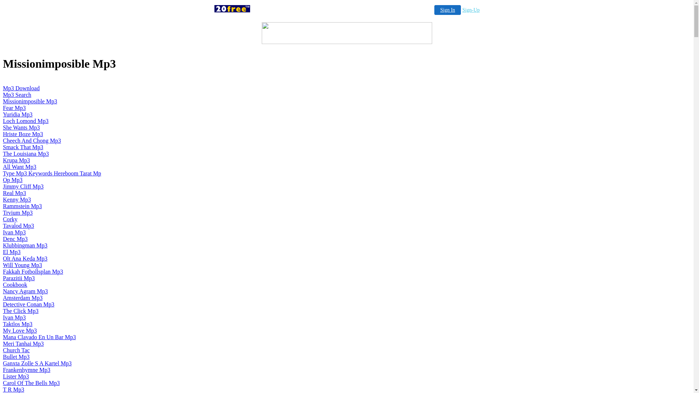 This screenshot has height=393, width=699. Describe the element at coordinates (447, 10) in the screenshot. I see `'Sign In'` at that location.